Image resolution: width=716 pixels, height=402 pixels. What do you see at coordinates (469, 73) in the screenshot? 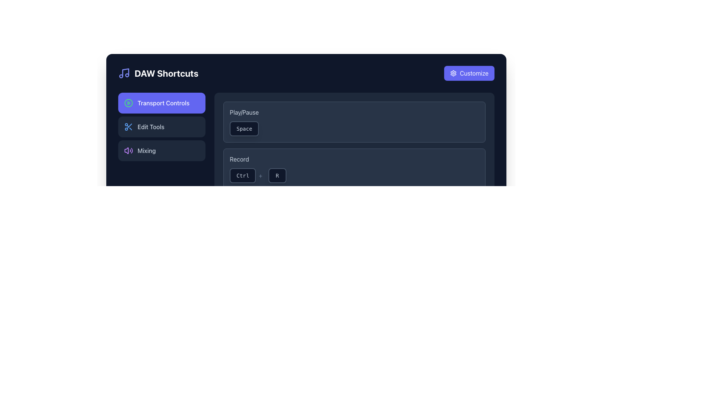
I see `the 'Customize' button with a rounded rectangle shape, blue background, and white text` at bounding box center [469, 73].